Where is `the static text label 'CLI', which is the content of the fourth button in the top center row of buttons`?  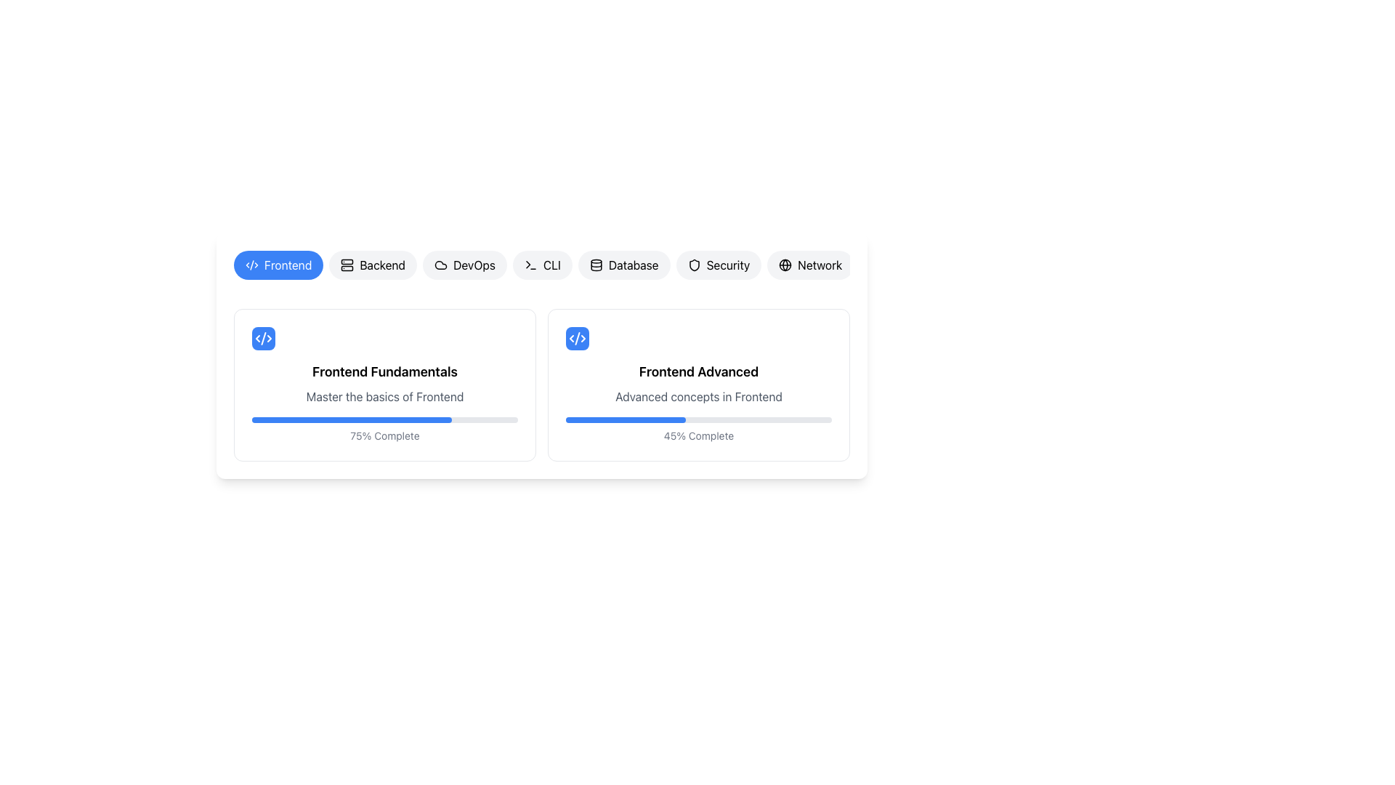 the static text label 'CLI', which is the content of the fourth button in the top center row of buttons is located at coordinates (551, 265).